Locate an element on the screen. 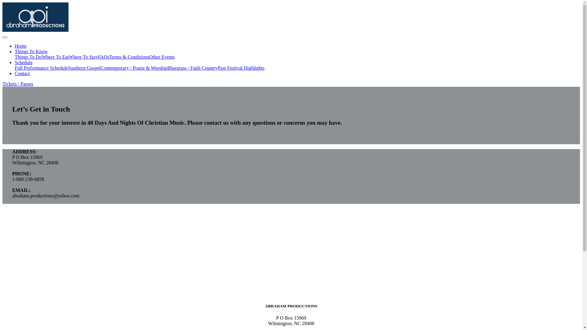 The height and width of the screenshot is (330, 587). 'Bluegrass / Faith Country' is located at coordinates (192, 68).